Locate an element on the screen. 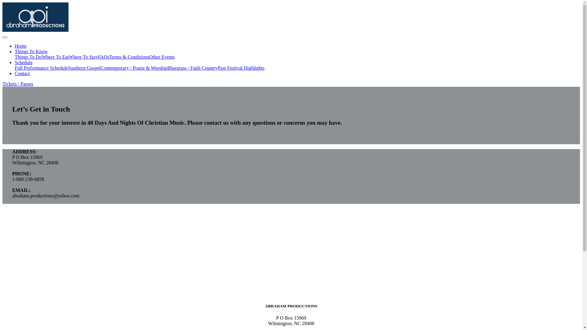 The height and width of the screenshot is (330, 587). 'Bluegrass / Faith Country' is located at coordinates (192, 68).